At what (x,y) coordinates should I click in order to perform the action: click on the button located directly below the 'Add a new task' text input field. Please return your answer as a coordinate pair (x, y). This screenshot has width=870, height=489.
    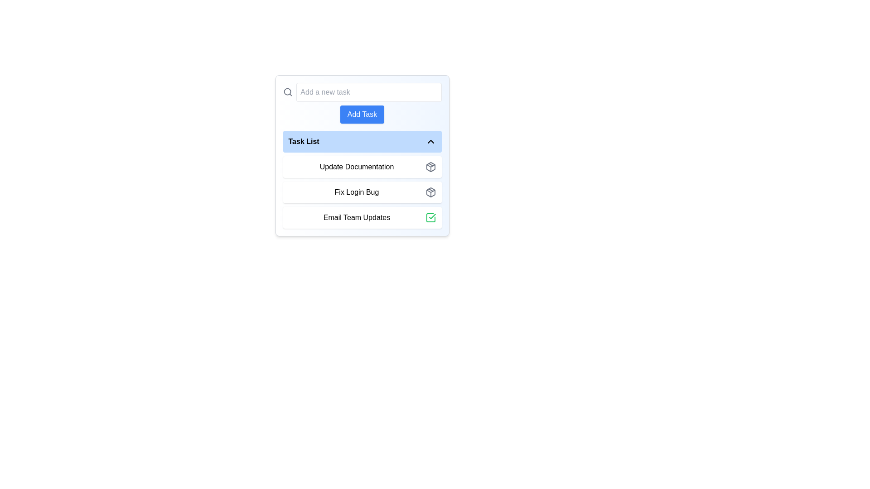
    Looking at the image, I should click on (362, 114).